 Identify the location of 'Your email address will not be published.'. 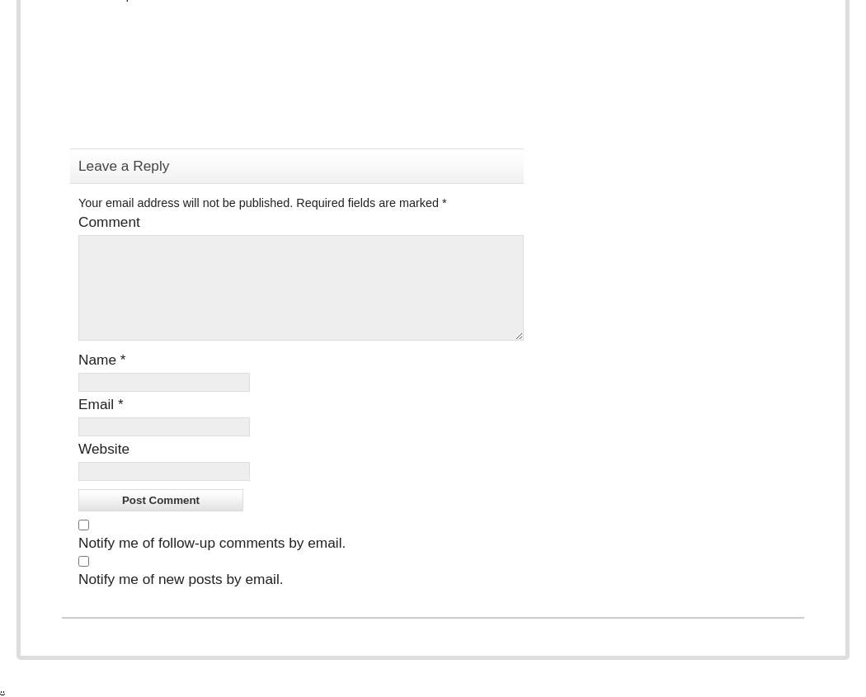
(78, 201).